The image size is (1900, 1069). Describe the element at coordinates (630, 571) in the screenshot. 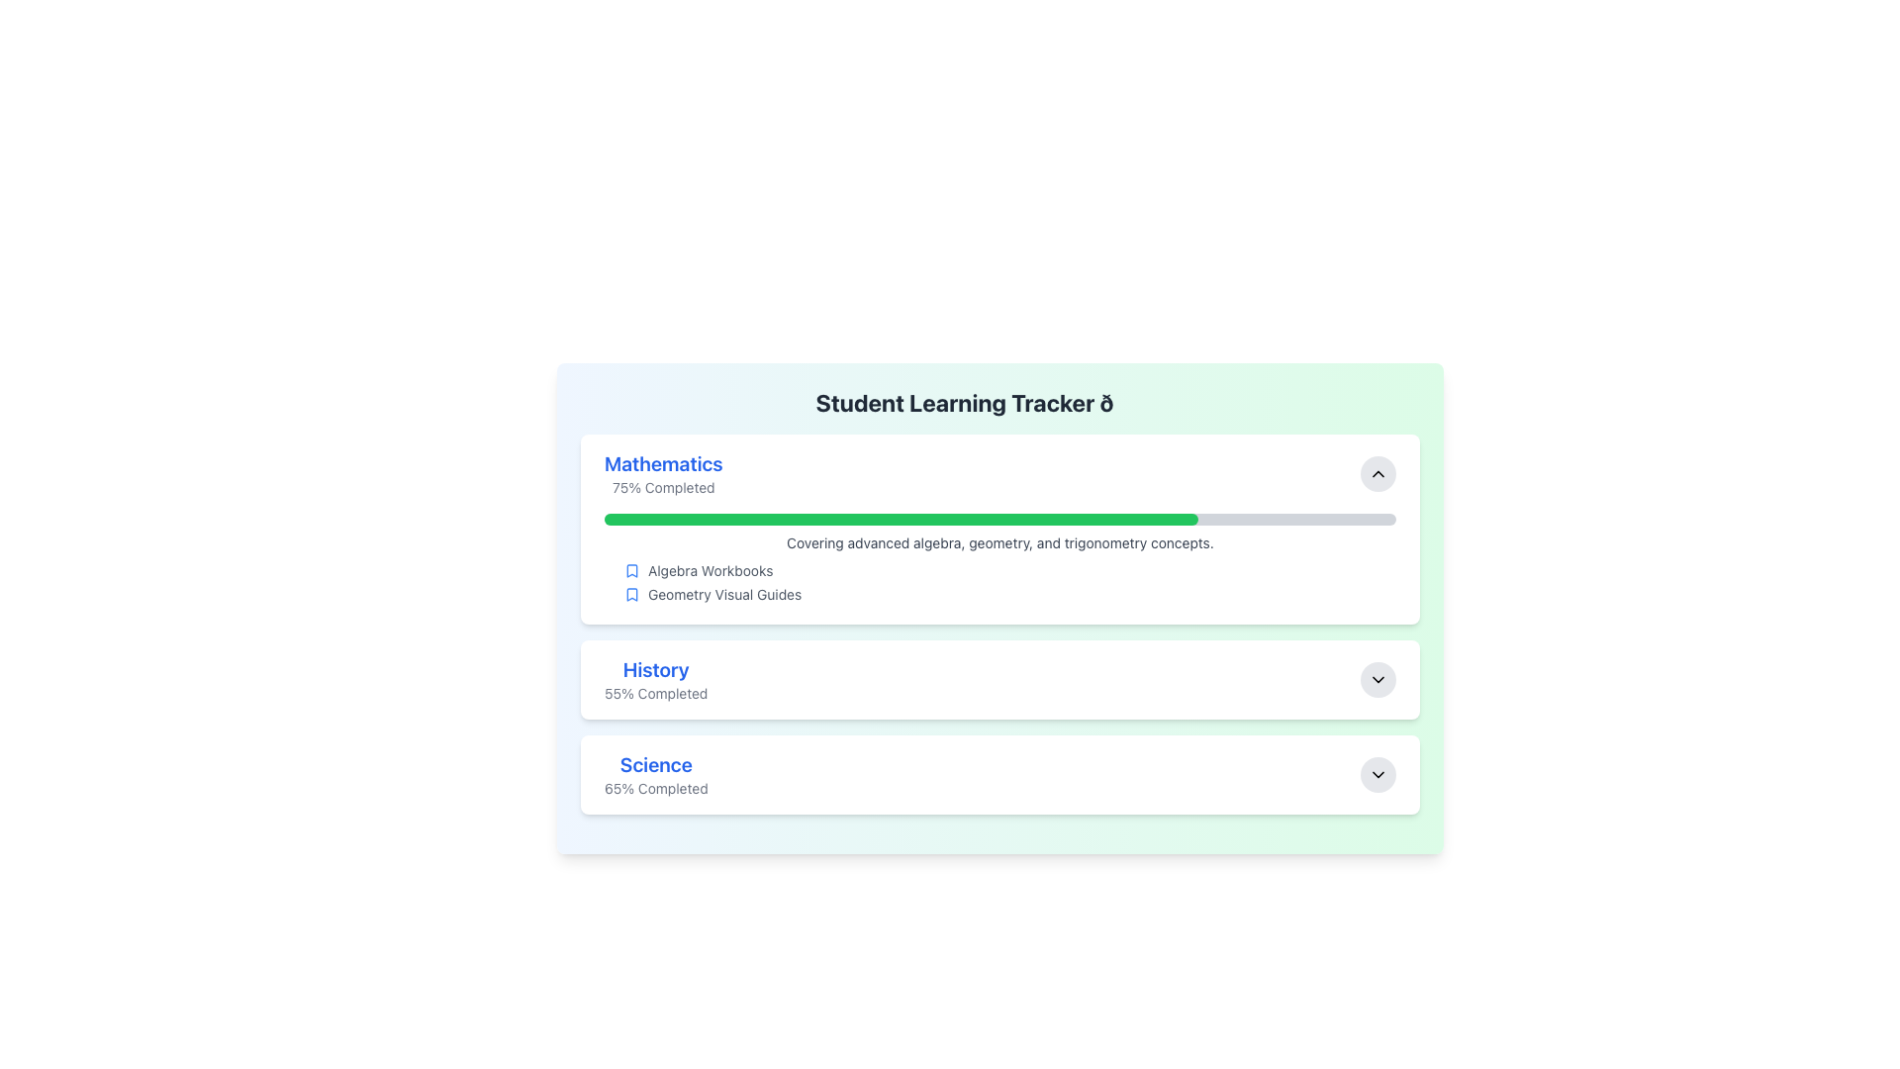

I see `the blue outlined bookmark icon located to the left of the 'Geometry Visual Guides' text in the 'Mathematics' section to bookmark or unbookmark the related content` at that location.